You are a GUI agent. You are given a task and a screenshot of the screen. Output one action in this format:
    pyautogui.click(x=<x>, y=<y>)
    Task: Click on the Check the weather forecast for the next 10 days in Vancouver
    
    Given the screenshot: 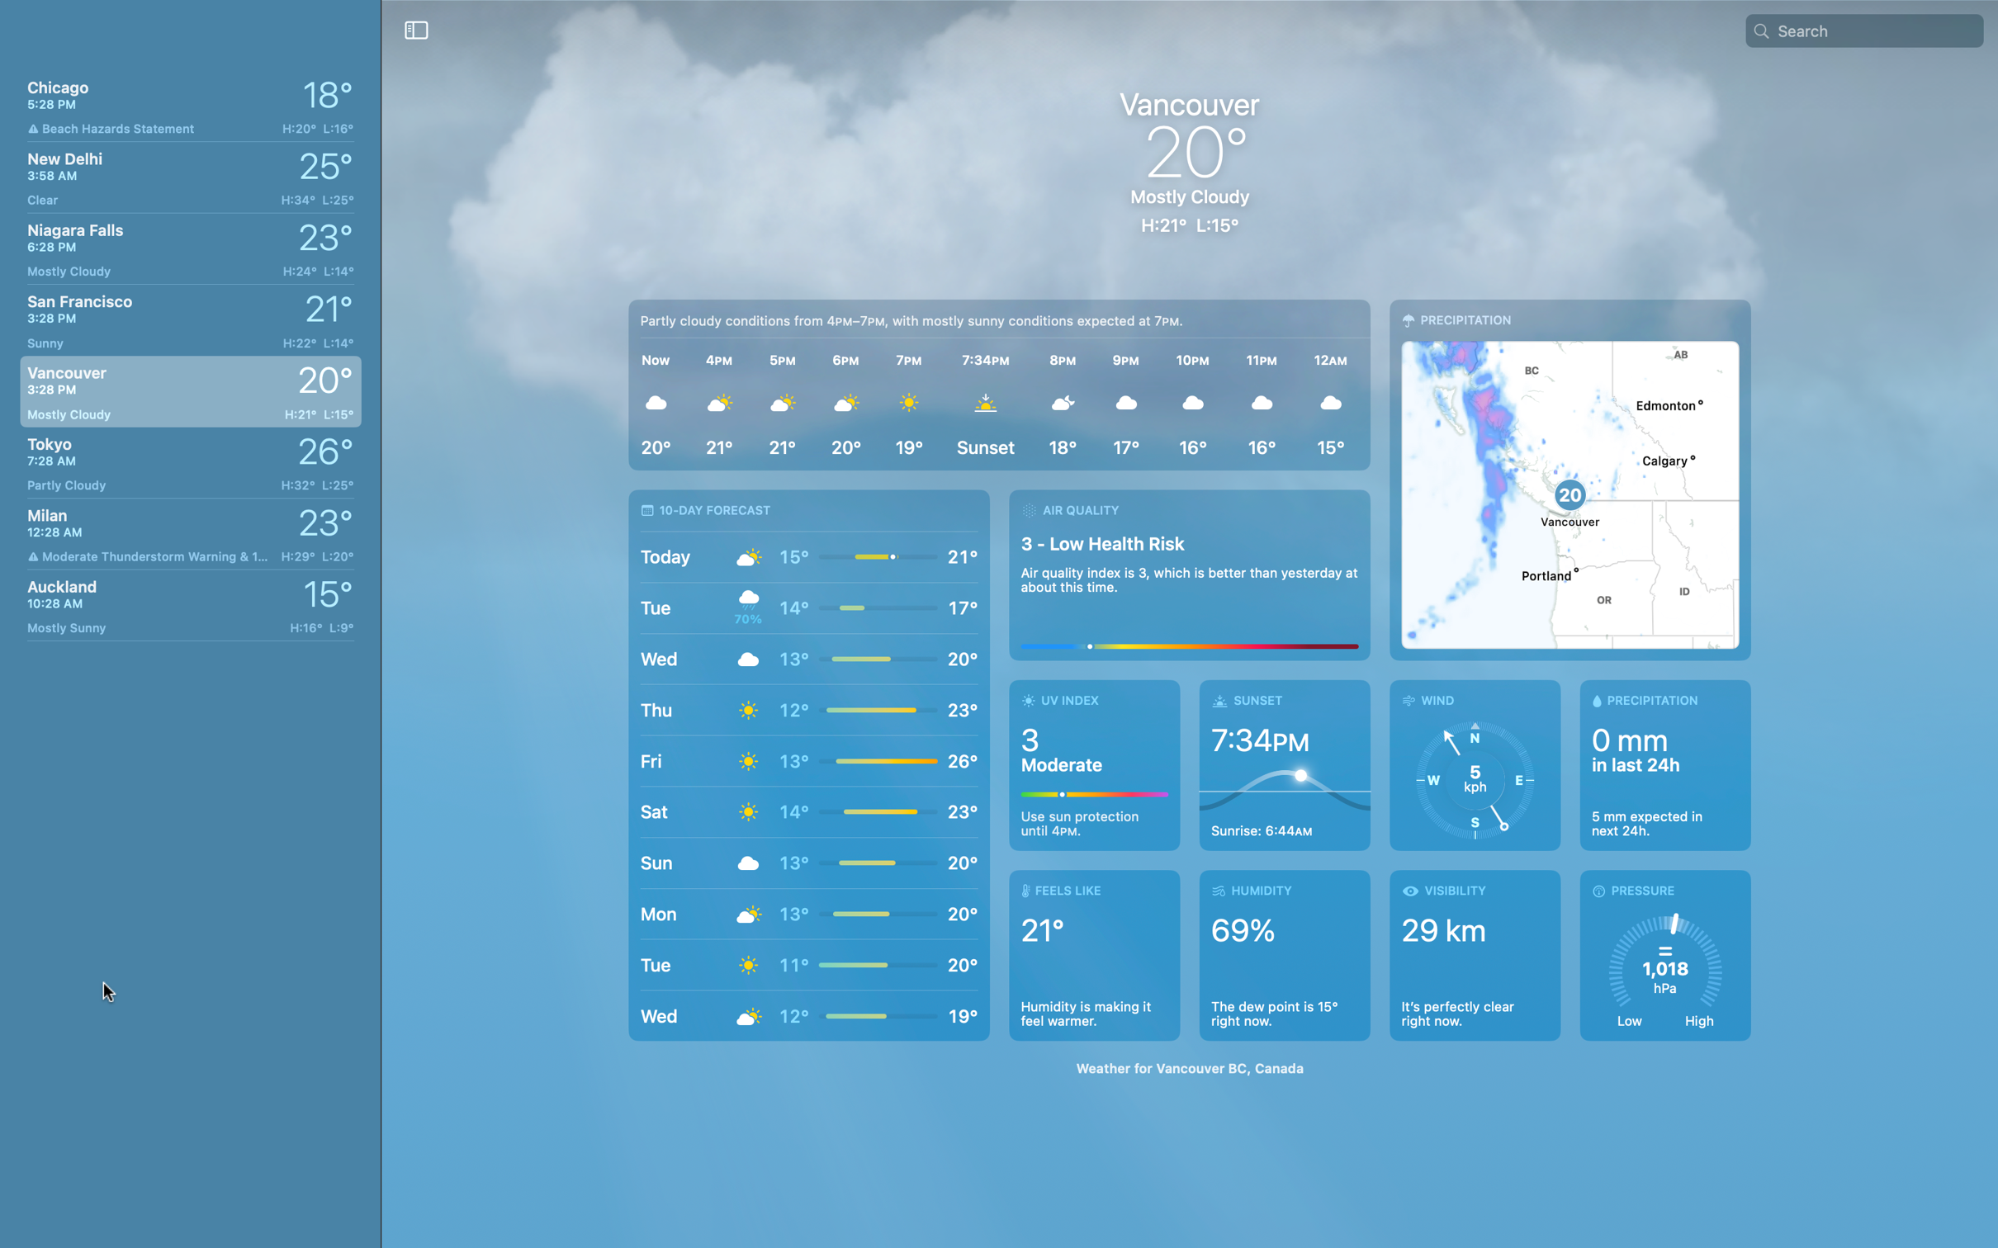 What is the action you would take?
    pyautogui.click(x=808, y=764)
    